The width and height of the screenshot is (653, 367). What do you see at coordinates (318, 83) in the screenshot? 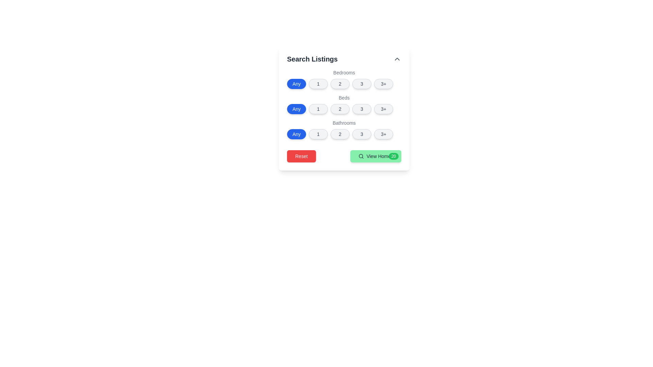
I see `the rectangular button with rounded corners labeled '1'` at bounding box center [318, 83].